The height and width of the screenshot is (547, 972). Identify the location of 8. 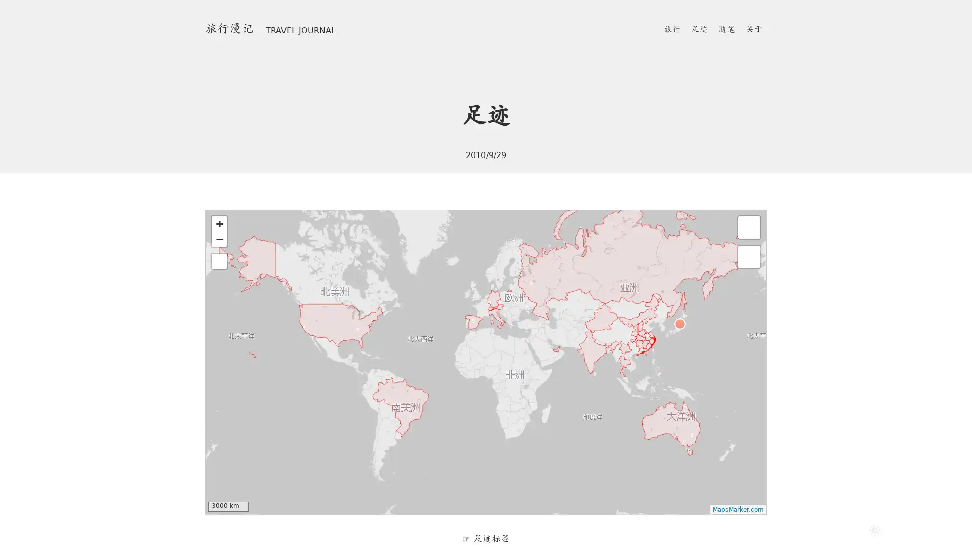
(687, 443).